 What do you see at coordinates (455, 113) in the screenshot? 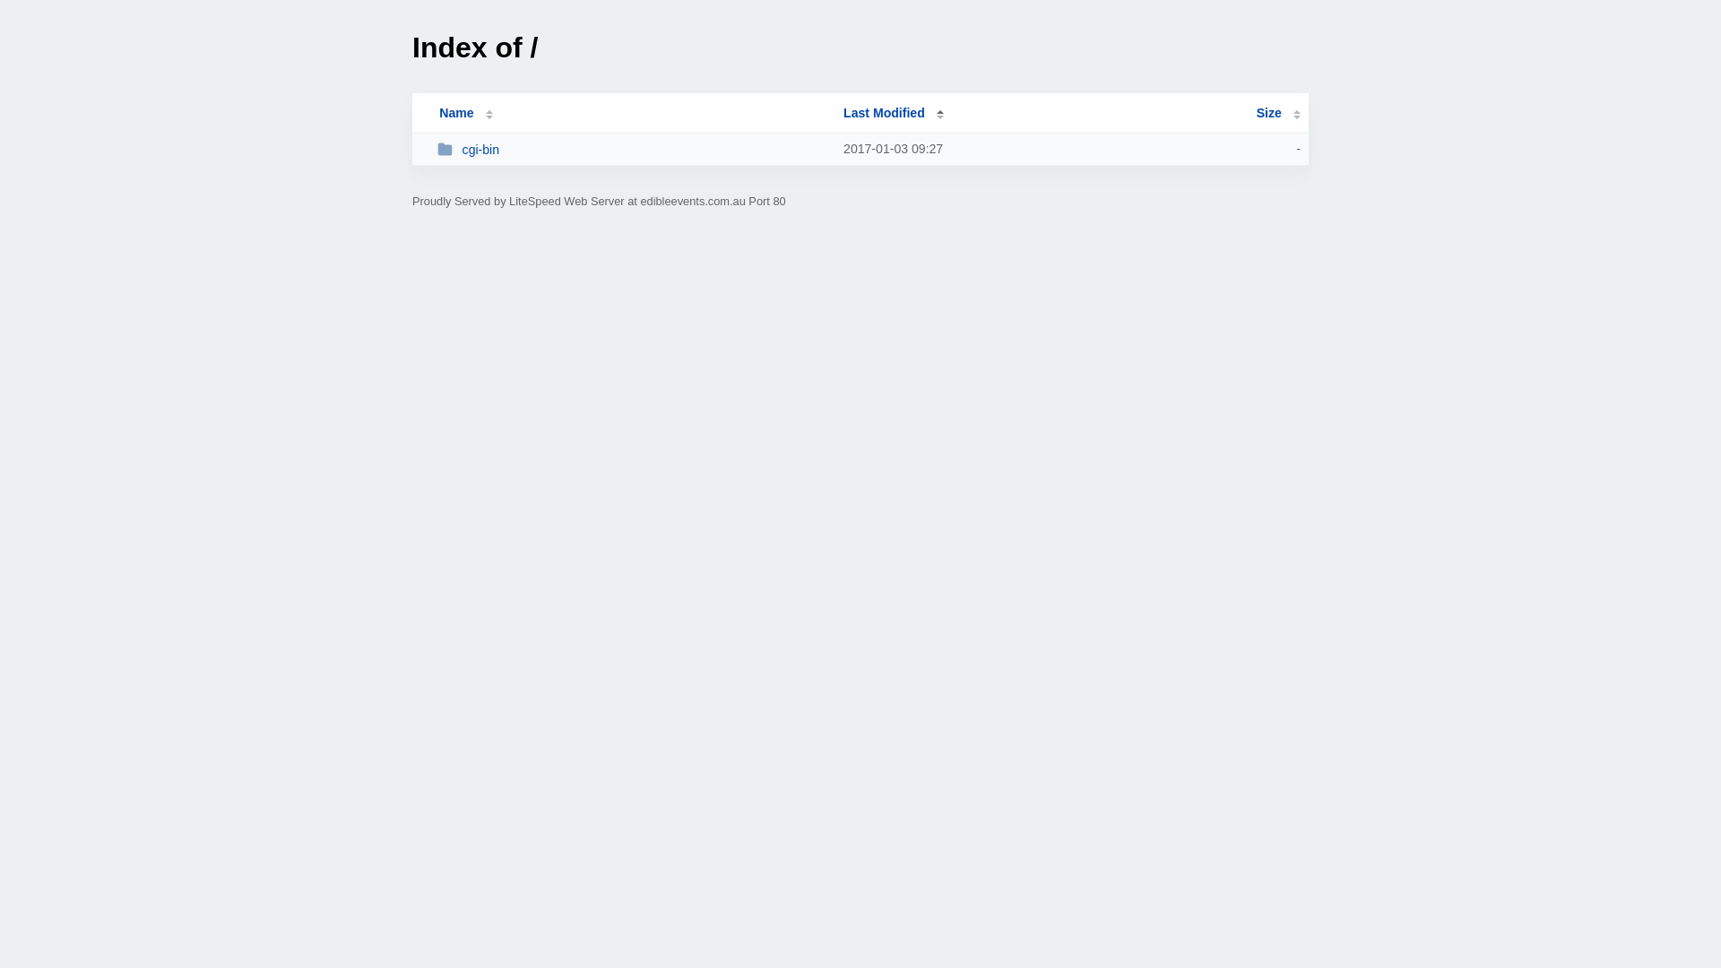
I see `'Name'` at bounding box center [455, 113].